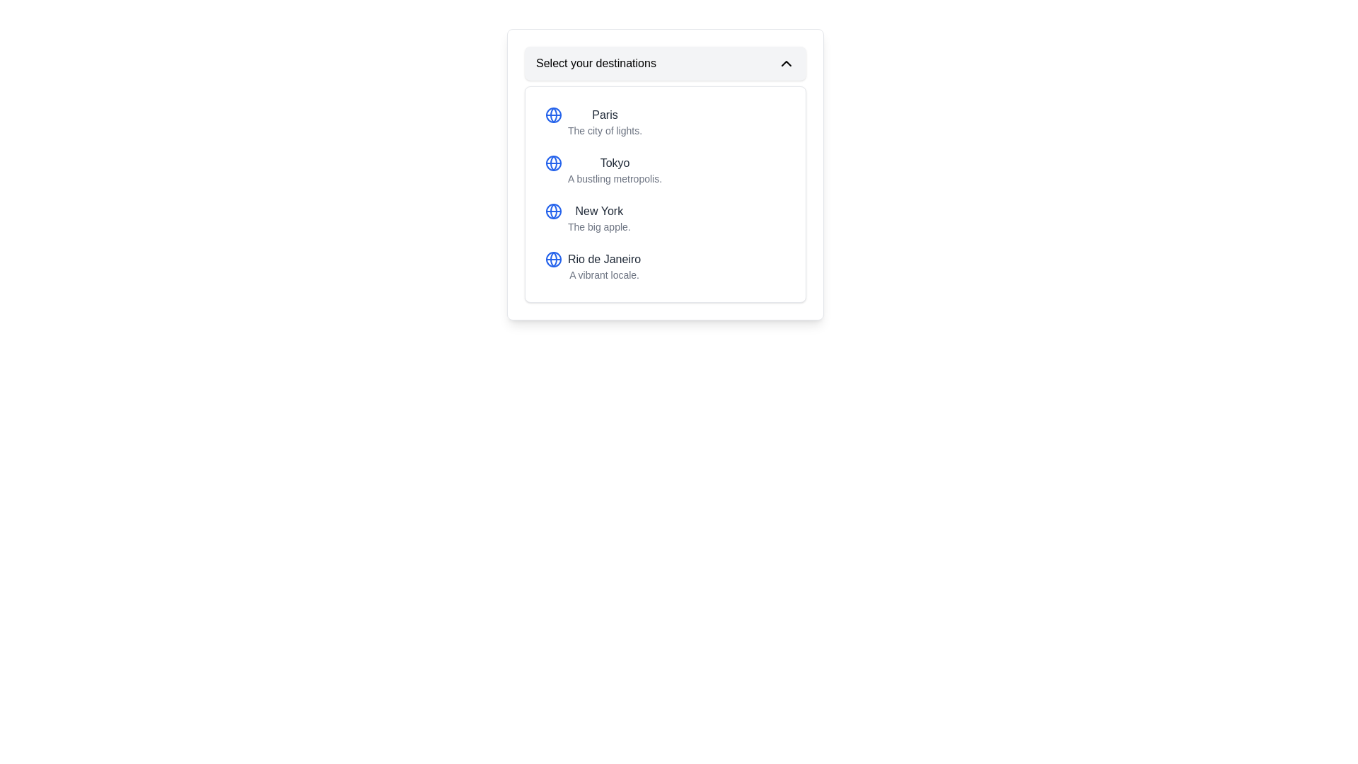 This screenshot has width=1358, height=764. Describe the element at coordinates (599, 218) in the screenshot. I see `the text display element that represents a specific destination, styled with a title and description, located as the third item in the list of destinations` at that location.